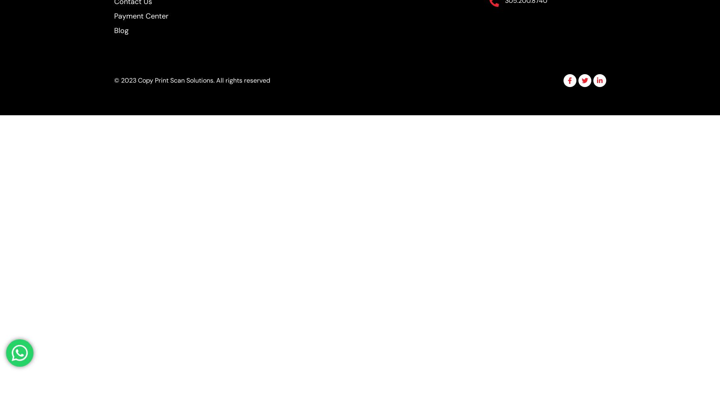 This screenshot has height=403, width=720. What do you see at coordinates (323, 125) in the screenshot?
I see `'Custom fields'` at bounding box center [323, 125].